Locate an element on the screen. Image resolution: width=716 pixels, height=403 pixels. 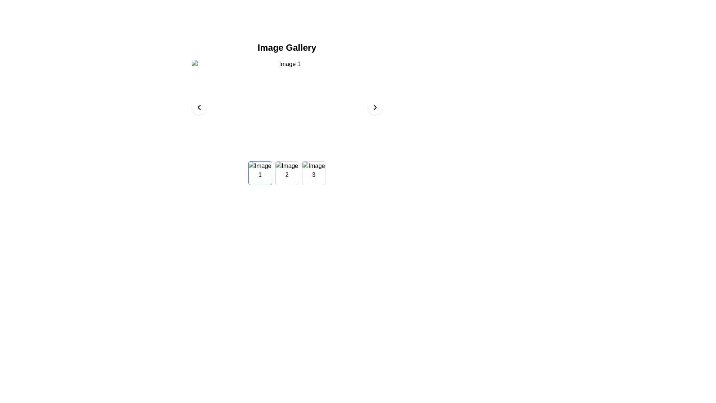
the circular button with a white background and a black right-facing chevron icon is located at coordinates (375, 107).